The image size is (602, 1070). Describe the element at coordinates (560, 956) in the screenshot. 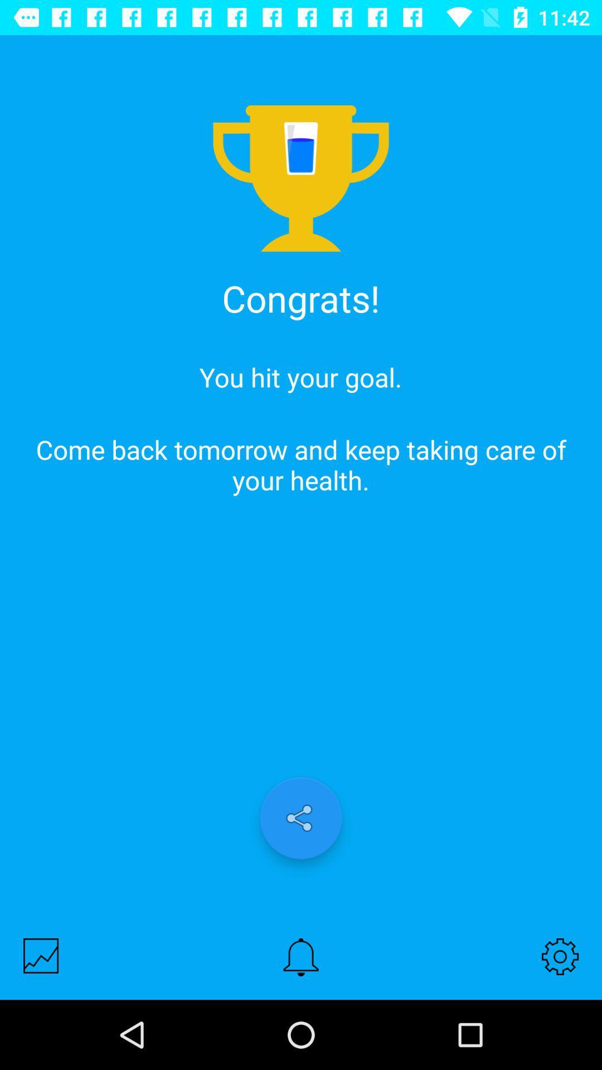

I see `settings options` at that location.